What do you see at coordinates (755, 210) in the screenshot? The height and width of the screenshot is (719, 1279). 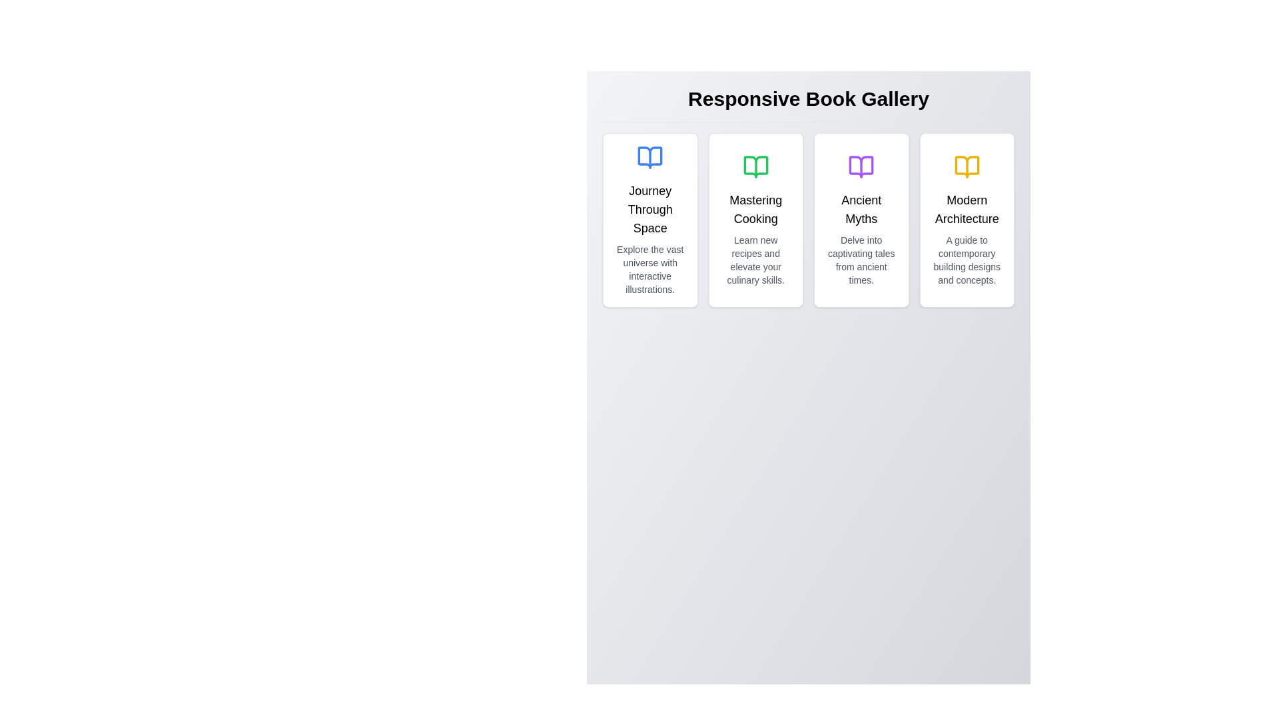 I see `the text block that displays 'Mastering Cooking', which features bold, larger font in a modern sans-serif typeface, located within the second card of a horizontal row of four cards` at bounding box center [755, 210].